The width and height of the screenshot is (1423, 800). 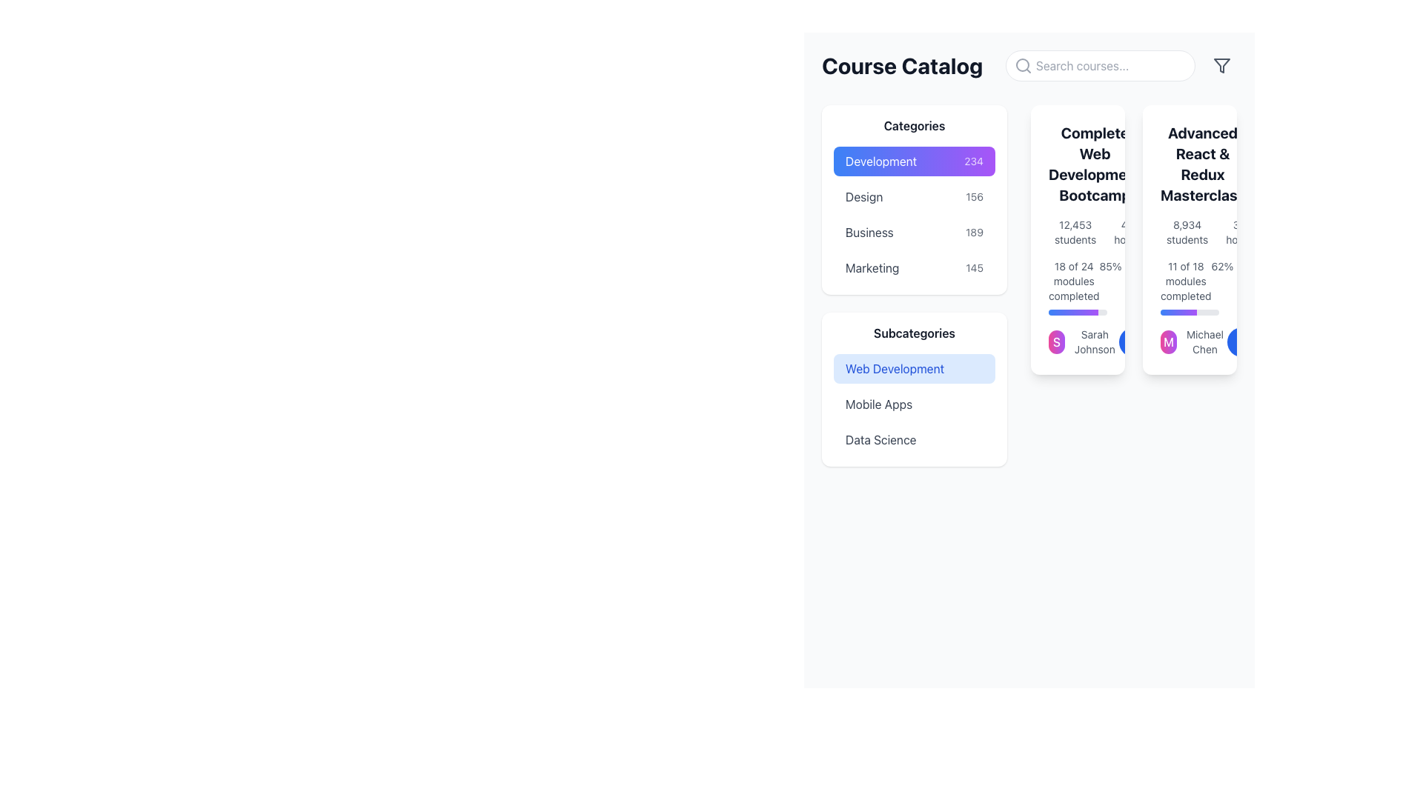 I want to click on the Search input field located in the upper-right part of the application interface, to focus on it for typing keywords or phrases, so click(x=1028, y=64).